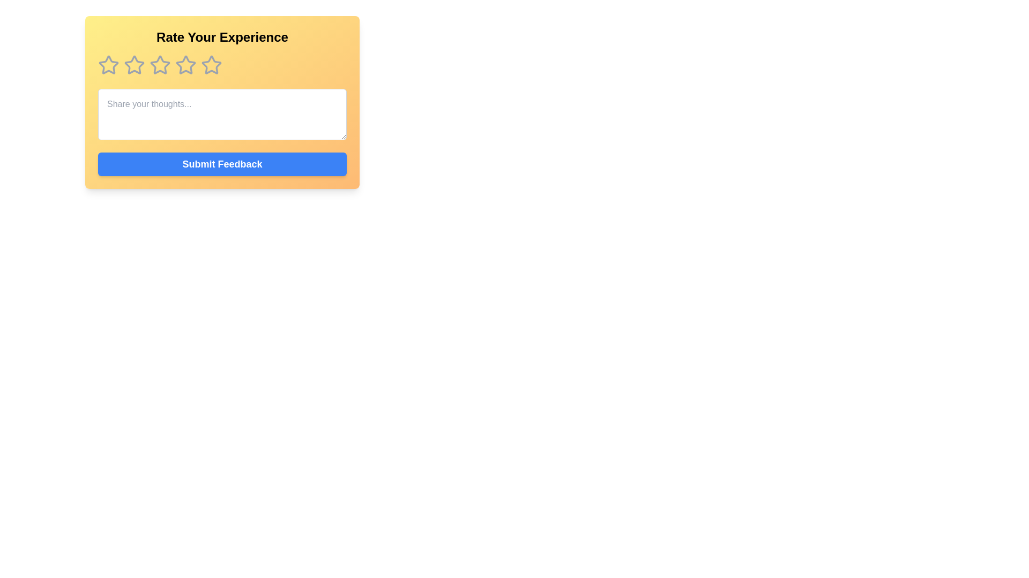 This screenshot has width=1029, height=578. What do you see at coordinates (108, 65) in the screenshot?
I see `the first star rating icon, which is styled with a gray outline and located under the 'Rate Your Experience' header` at bounding box center [108, 65].